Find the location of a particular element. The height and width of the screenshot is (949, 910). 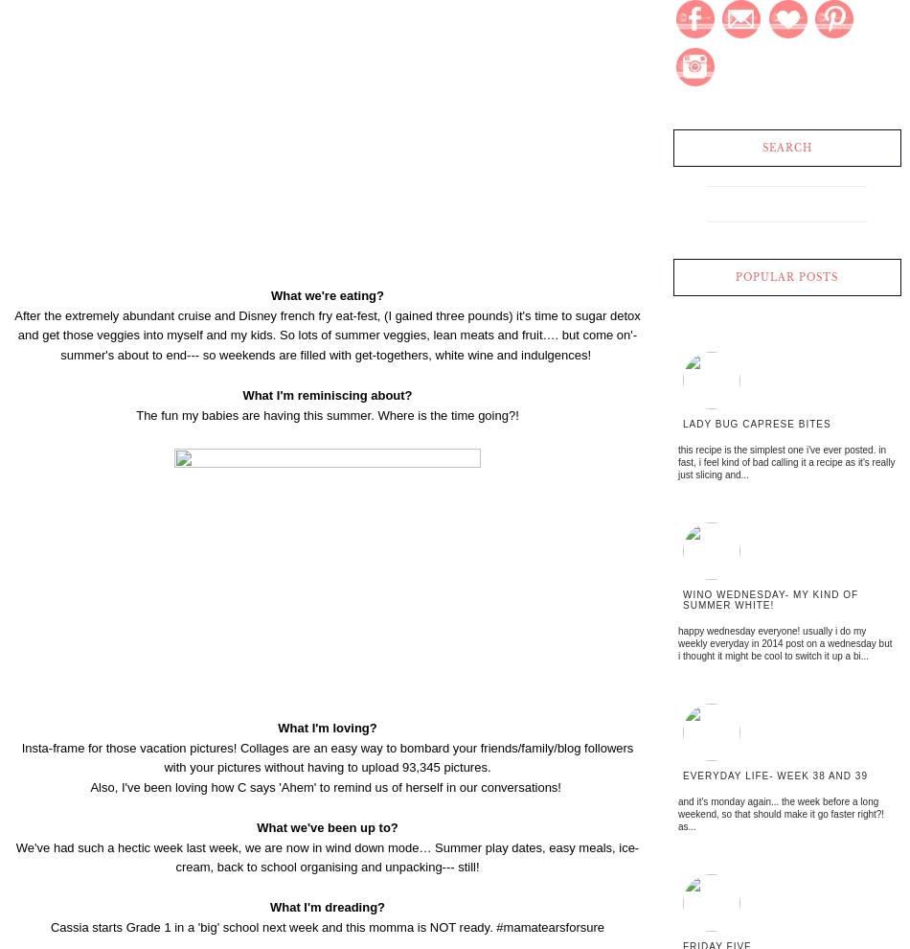

'Also, I've been loving how C says 'Ahem' to remind us of herself in our conversations!' is located at coordinates (326, 786).